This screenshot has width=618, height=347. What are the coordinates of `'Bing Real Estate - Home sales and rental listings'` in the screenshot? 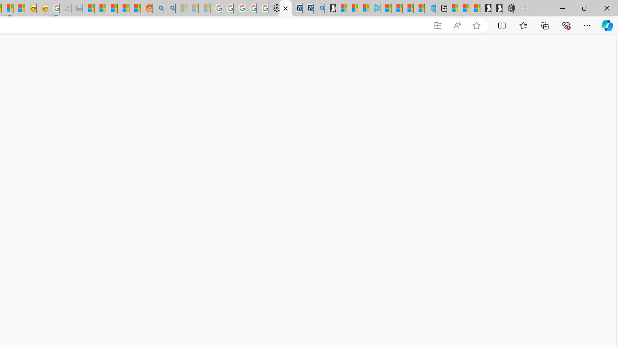 It's located at (319, 8).